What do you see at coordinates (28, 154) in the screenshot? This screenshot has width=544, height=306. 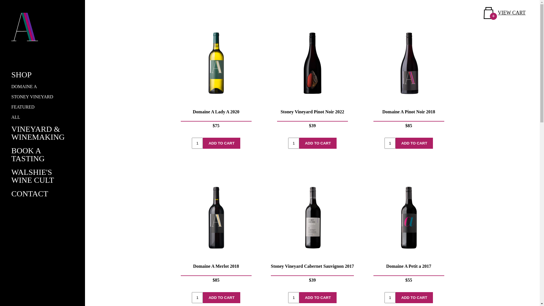 I see `'BOOK A TASTING'` at bounding box center [28, 154].